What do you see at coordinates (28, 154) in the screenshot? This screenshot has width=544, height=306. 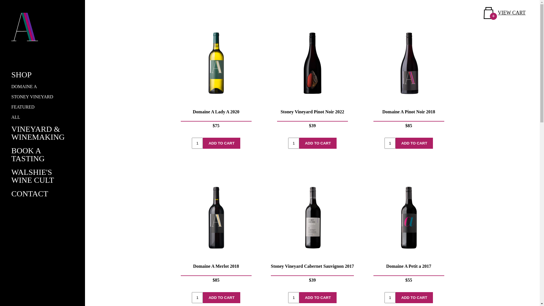 I see `'BOOK A TASTING'` at bounding box center [28, 154].